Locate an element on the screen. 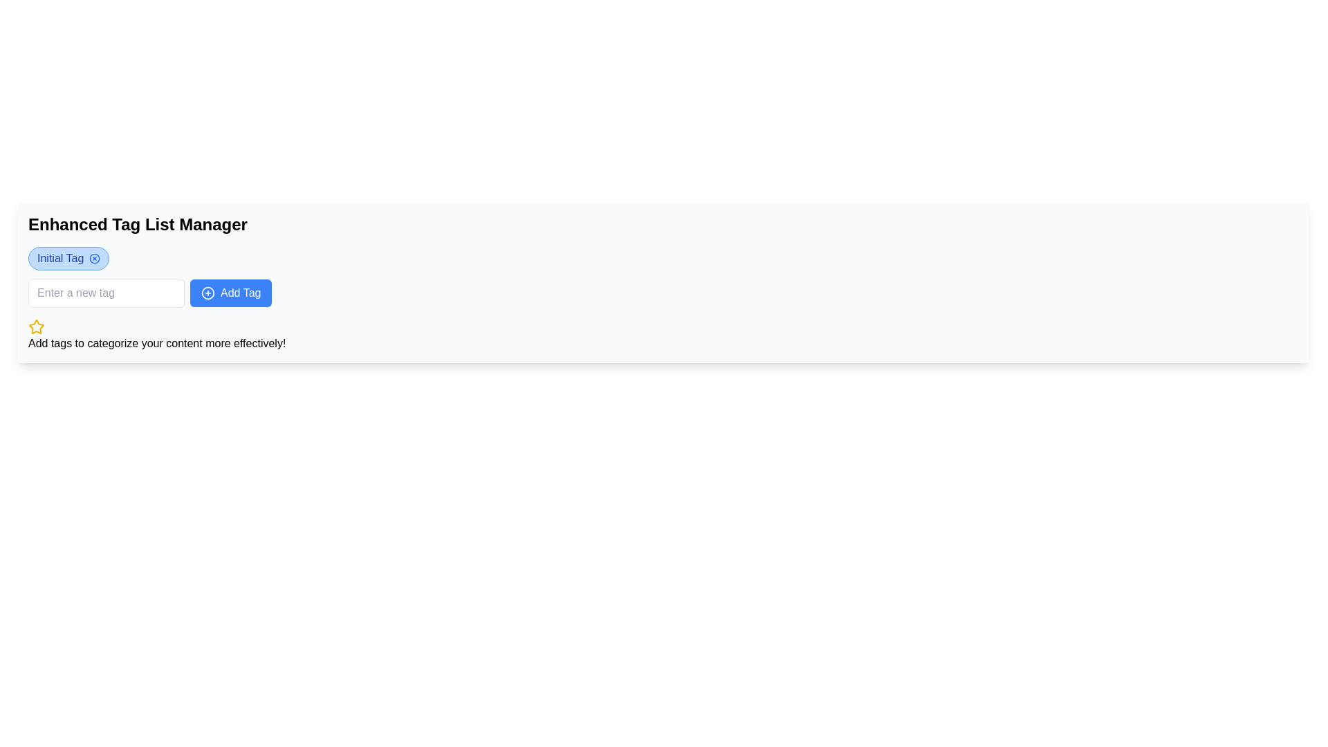 The image size is (1328, 747). the rectangular button with a blue background and white text label that says 'Add Tag', which is located in the upper center of the interface is located at coordinates (231, 293).